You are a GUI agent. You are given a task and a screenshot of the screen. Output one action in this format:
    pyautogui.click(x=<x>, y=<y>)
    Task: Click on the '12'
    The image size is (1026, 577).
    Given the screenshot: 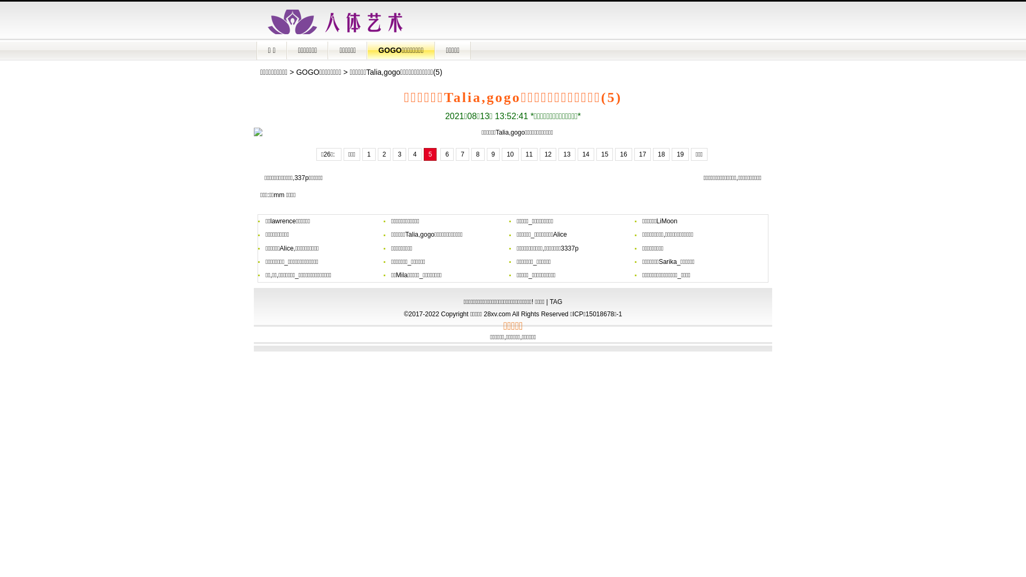 What is the action you would take?
    pyautogui.click(x=539, y=154)
    